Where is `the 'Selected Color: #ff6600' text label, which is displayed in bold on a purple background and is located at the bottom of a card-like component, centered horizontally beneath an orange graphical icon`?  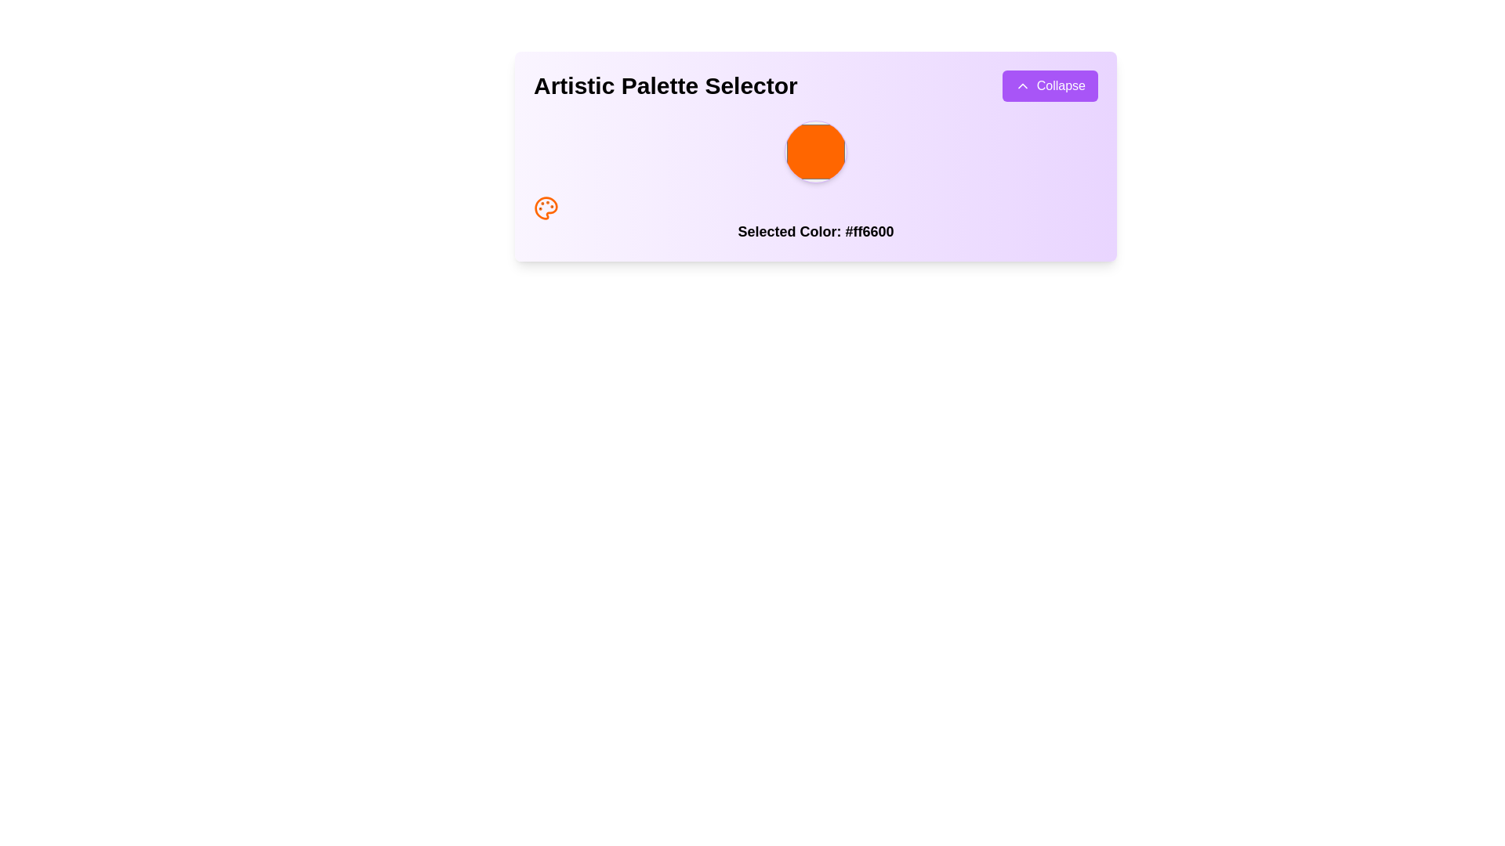
the 'Selected Color: #ff6600' text label, which is displayed in bold on a purple background and is located at the bottom of a card-like component, centered horizontally beneath an orange graphical icon is located at coordinates (815, 232).